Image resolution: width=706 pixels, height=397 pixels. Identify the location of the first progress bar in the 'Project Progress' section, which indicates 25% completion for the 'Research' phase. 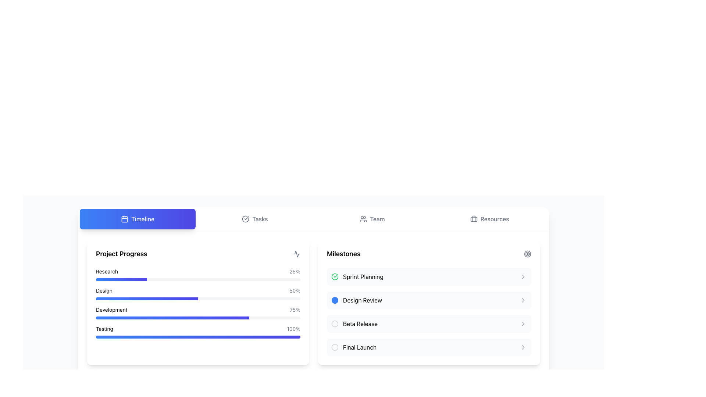
(198, 275).